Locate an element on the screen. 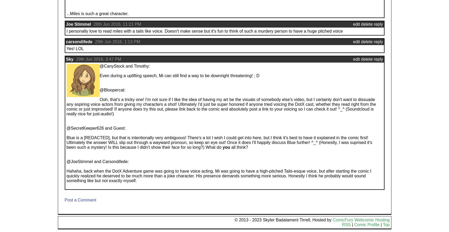 The height and width of the screenshot is (232, 449). 'Post a Comment' is located at coordinates (80, 200).